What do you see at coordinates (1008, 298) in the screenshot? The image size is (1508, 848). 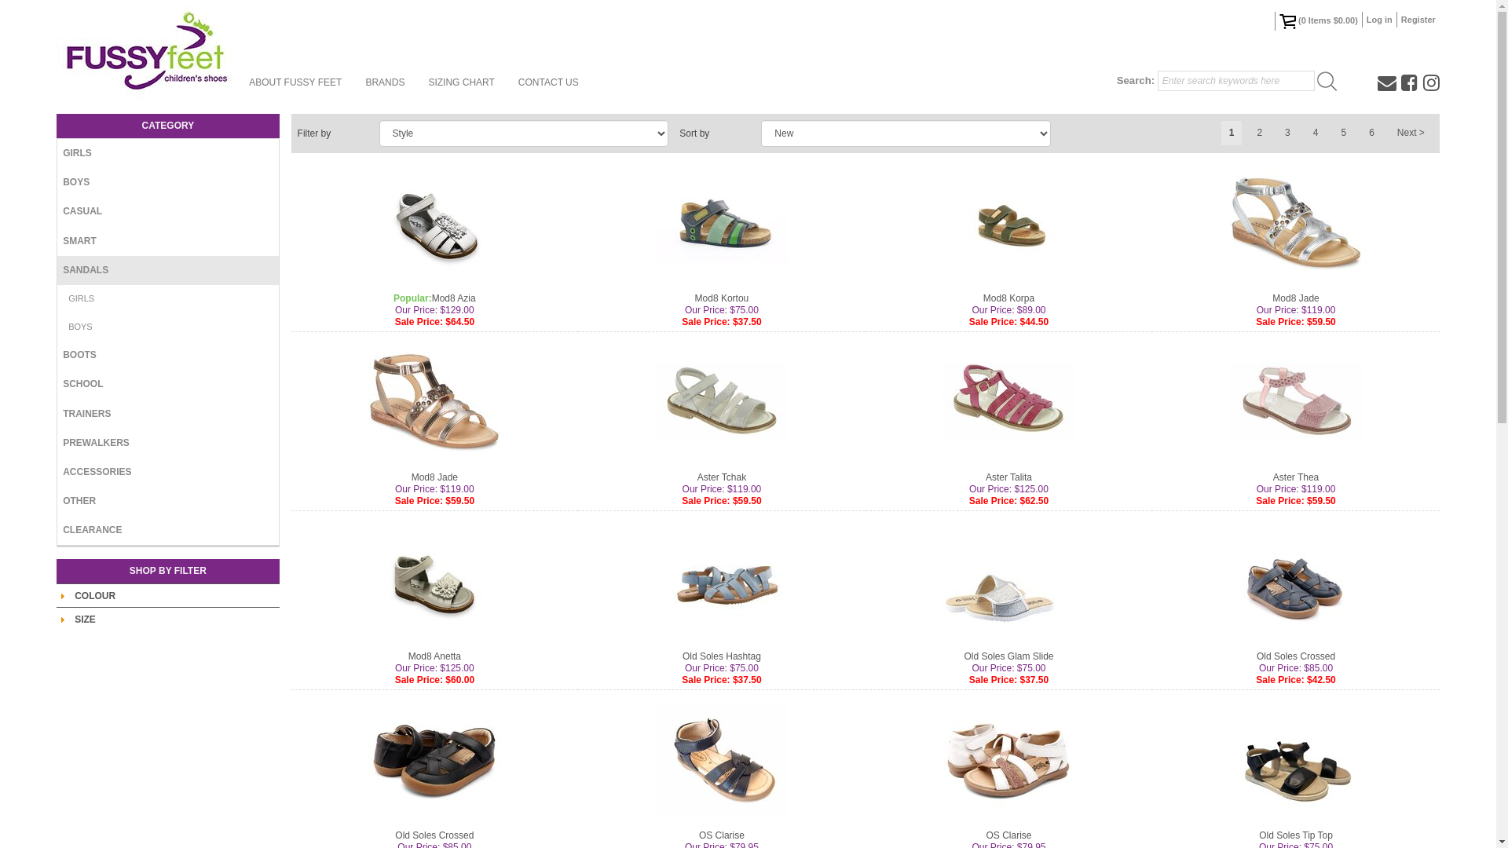 I see `'Mod8 Korpa'` at bounding box center [1008, 298].